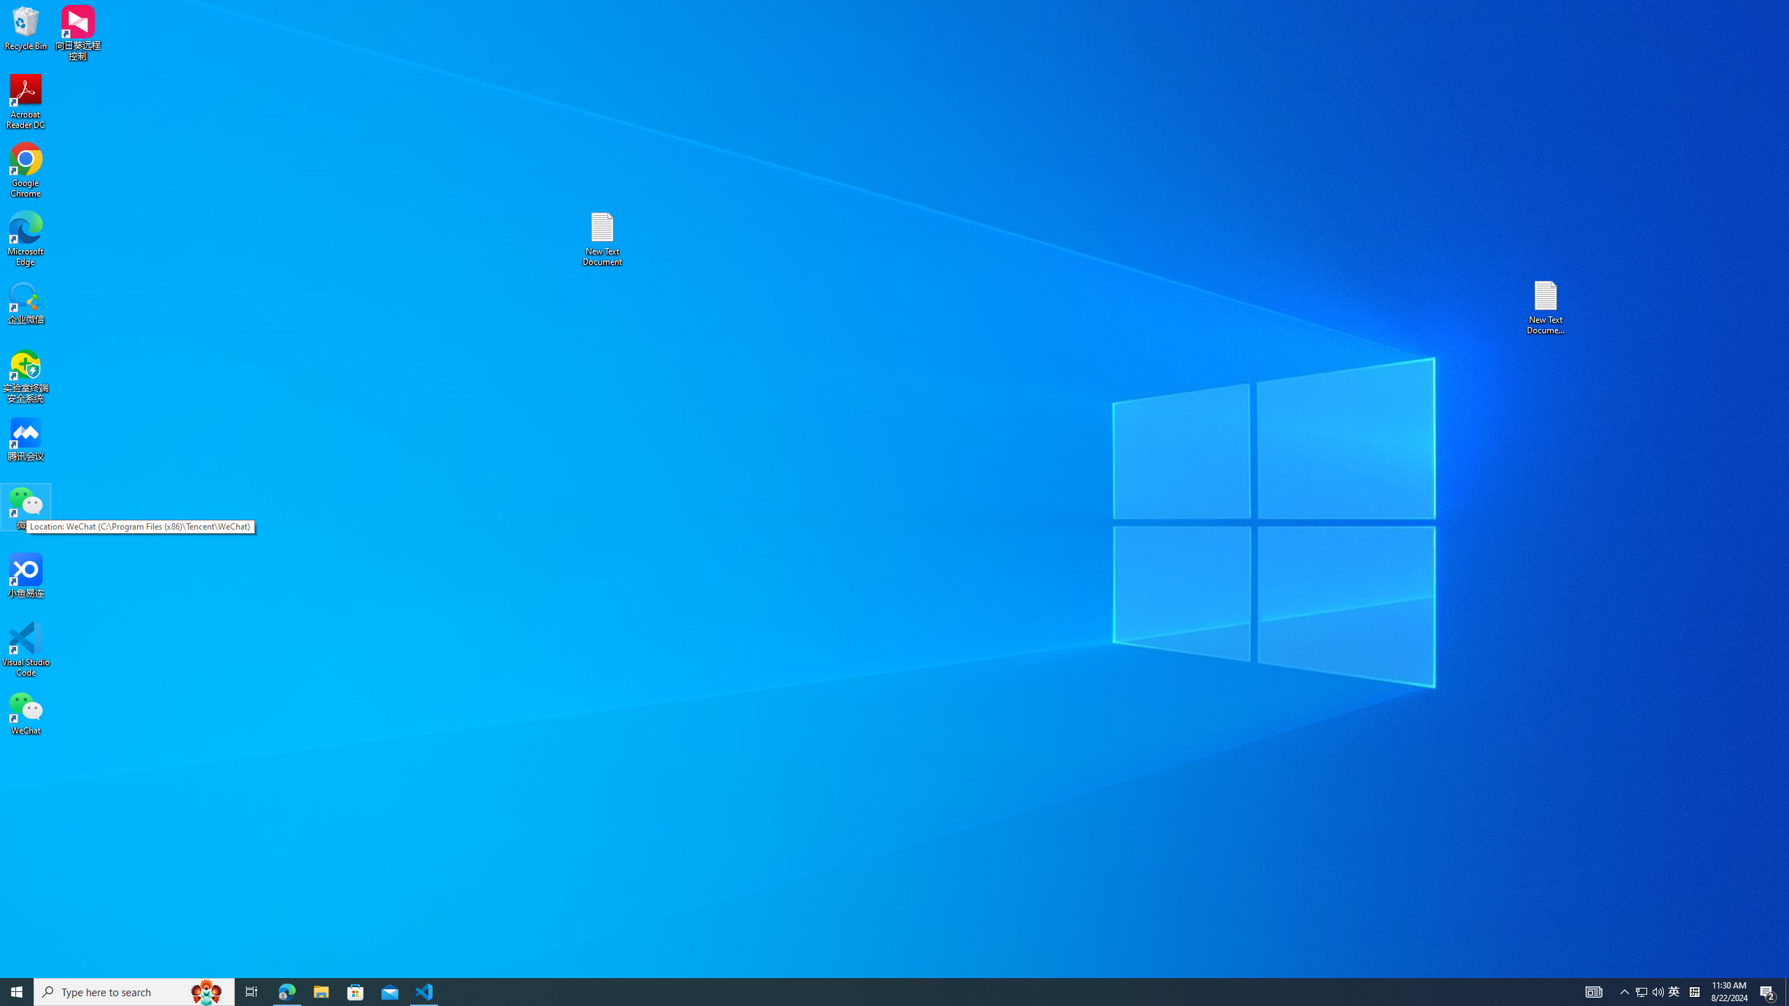 The image size is (1789, 1006). Describe the element at coordinates (424, 991) in the screenshot. I see `'Visual Studio Code - 1 running window'` at that location.